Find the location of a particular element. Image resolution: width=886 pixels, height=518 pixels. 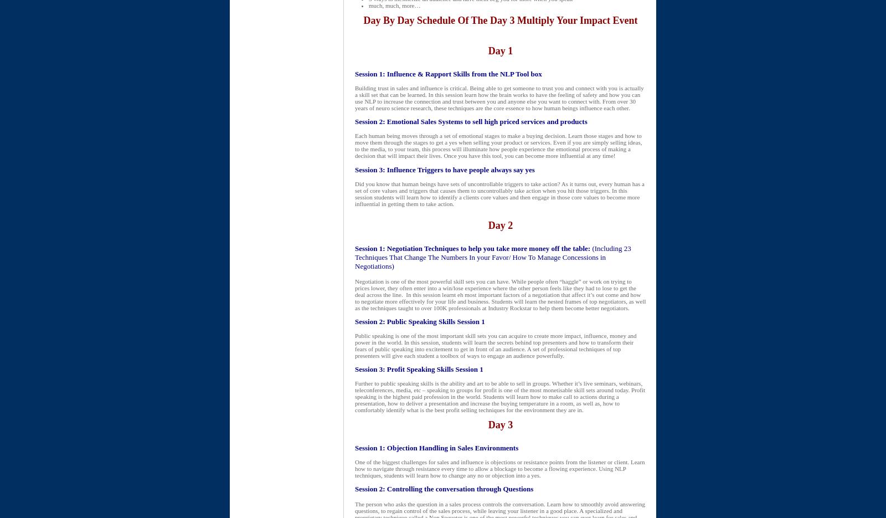

'Did  you know that human beings have sets of uncontrollable triggers to take action?  As it turns out, every human has a set of core values and triggers that causes  them to uncontrollably take action when you hit those triggers. In this session students will learn how to  identify a clients core values and then engage in those core values to become  more influential in getting them to take action.' is located at coordinates (499, 193).